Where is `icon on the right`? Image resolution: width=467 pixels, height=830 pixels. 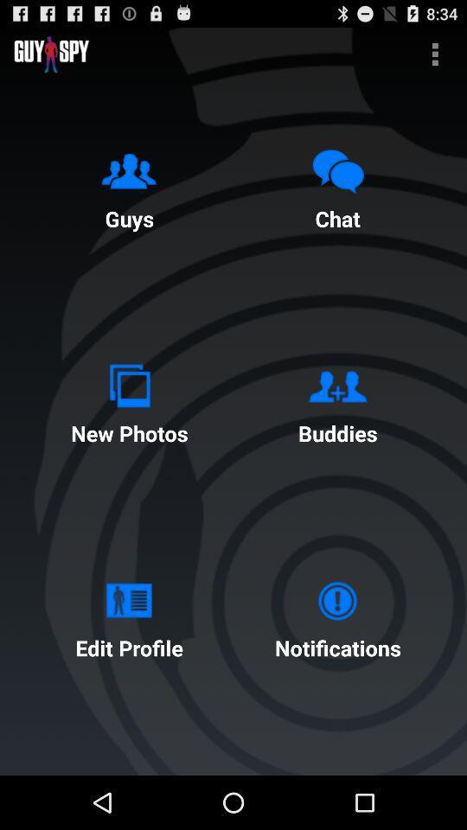 icon on the right is located at coordinates (337, 400).